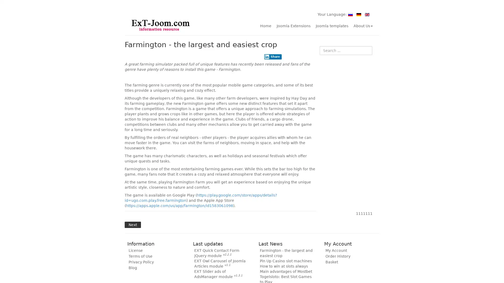 The width and height of the screenshot is (504, 283). Describe the element at coordinates (273, 57) in the screenshot. I see `Share` at that location.